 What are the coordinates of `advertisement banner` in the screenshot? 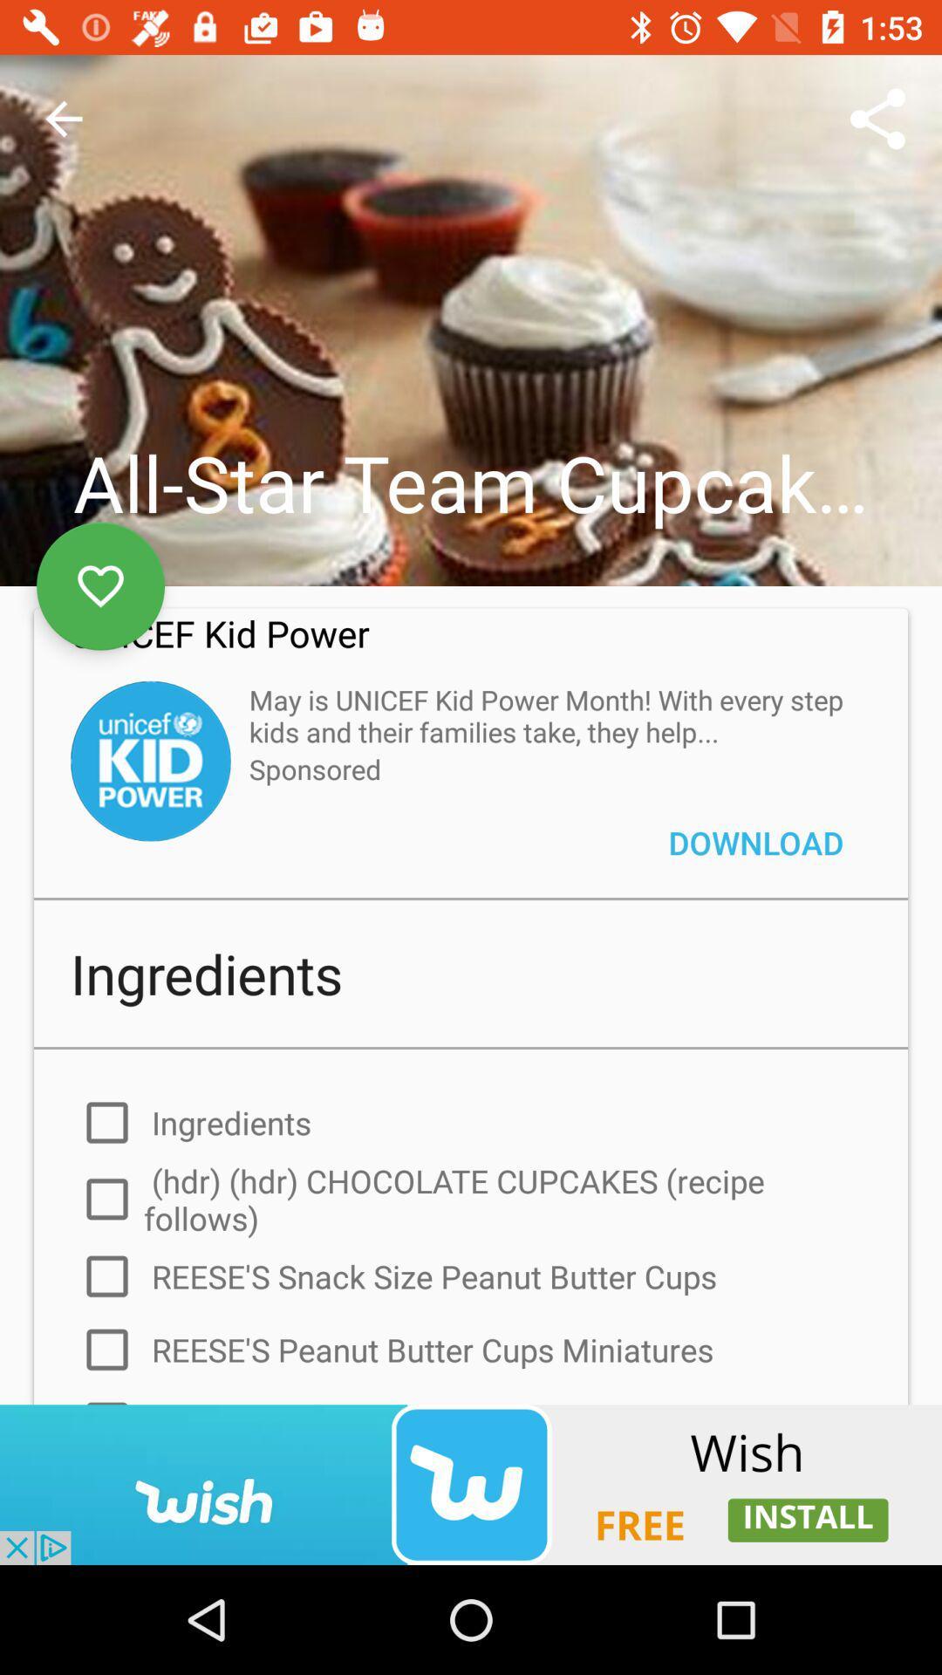 It's located at (471, 1484).